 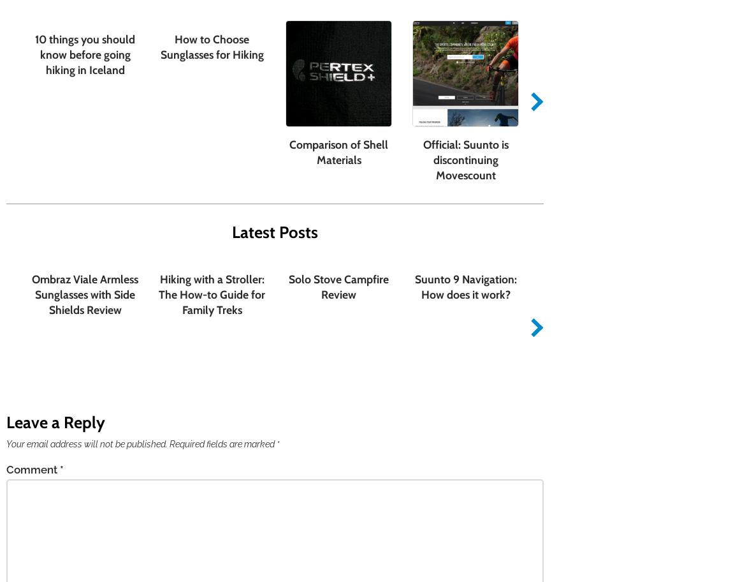 I want to click on '10 things you should know before going hiking in Iceland', so click(x=84, y=54).